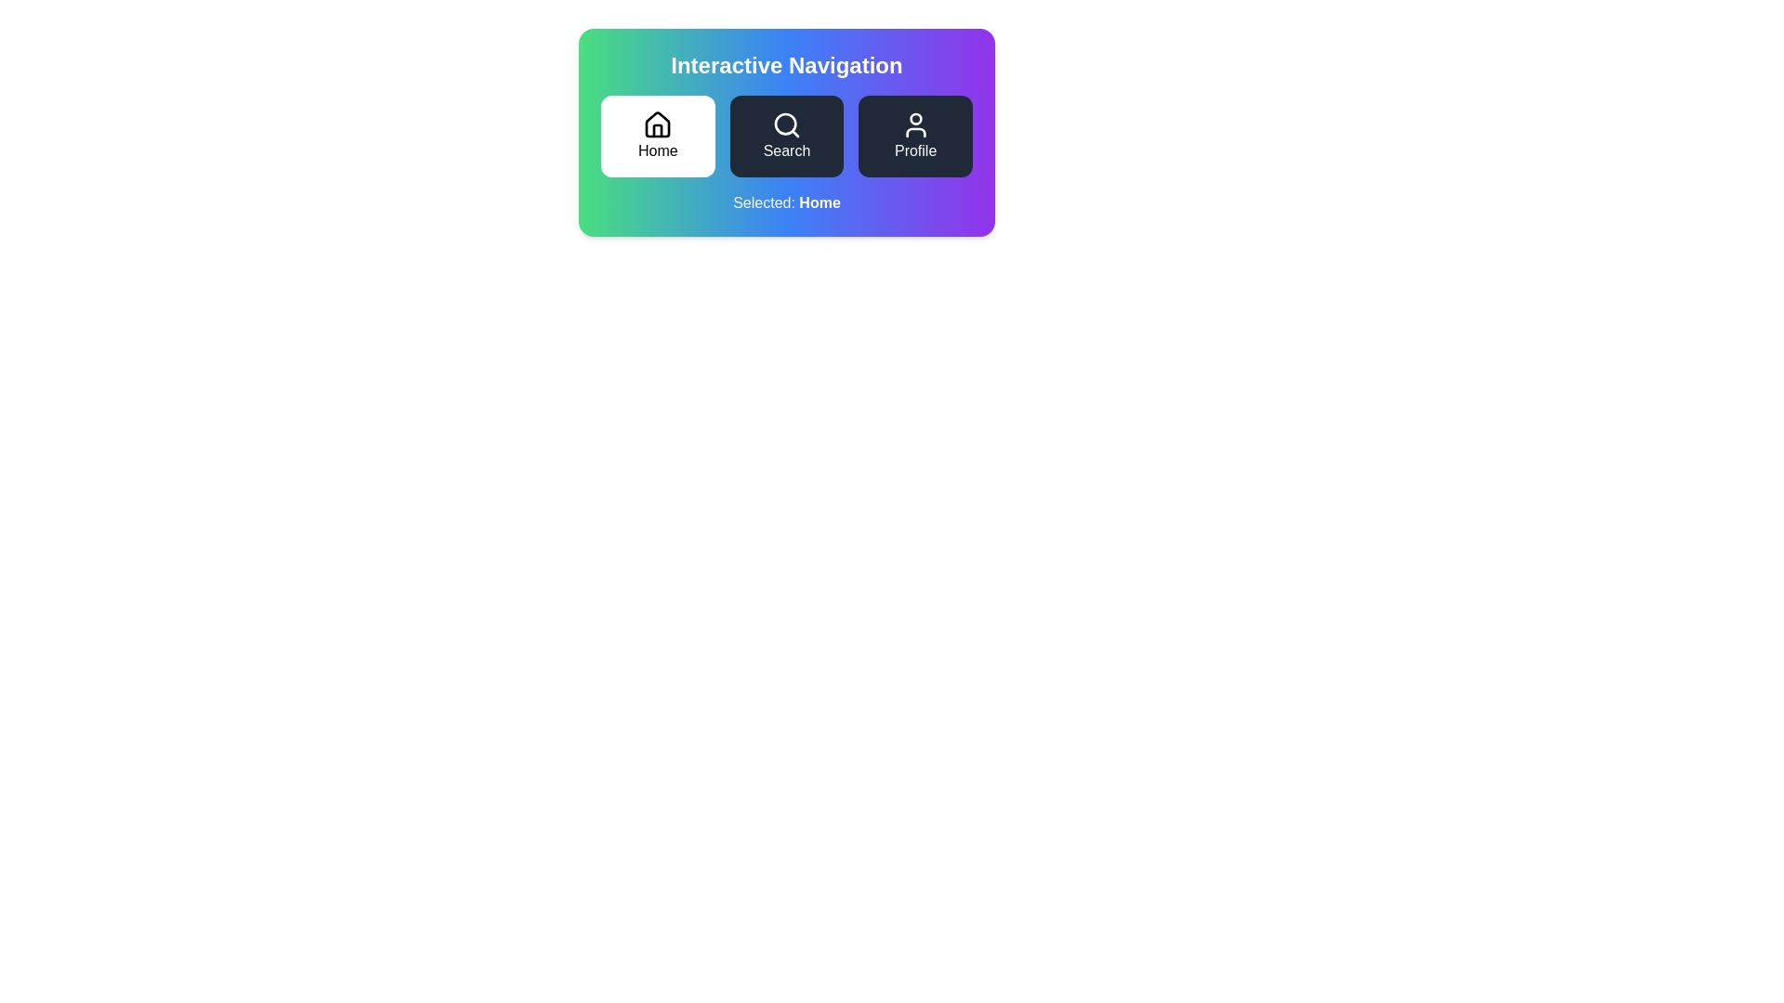 This screenshot has height=1003, width=1784. What do you see at coordinates (819, 202) in the screenshot?
I see `the Text Label that indicates the currently selected navigation option, which displays 'Selected: Home'` at bounding box center [819, 202].